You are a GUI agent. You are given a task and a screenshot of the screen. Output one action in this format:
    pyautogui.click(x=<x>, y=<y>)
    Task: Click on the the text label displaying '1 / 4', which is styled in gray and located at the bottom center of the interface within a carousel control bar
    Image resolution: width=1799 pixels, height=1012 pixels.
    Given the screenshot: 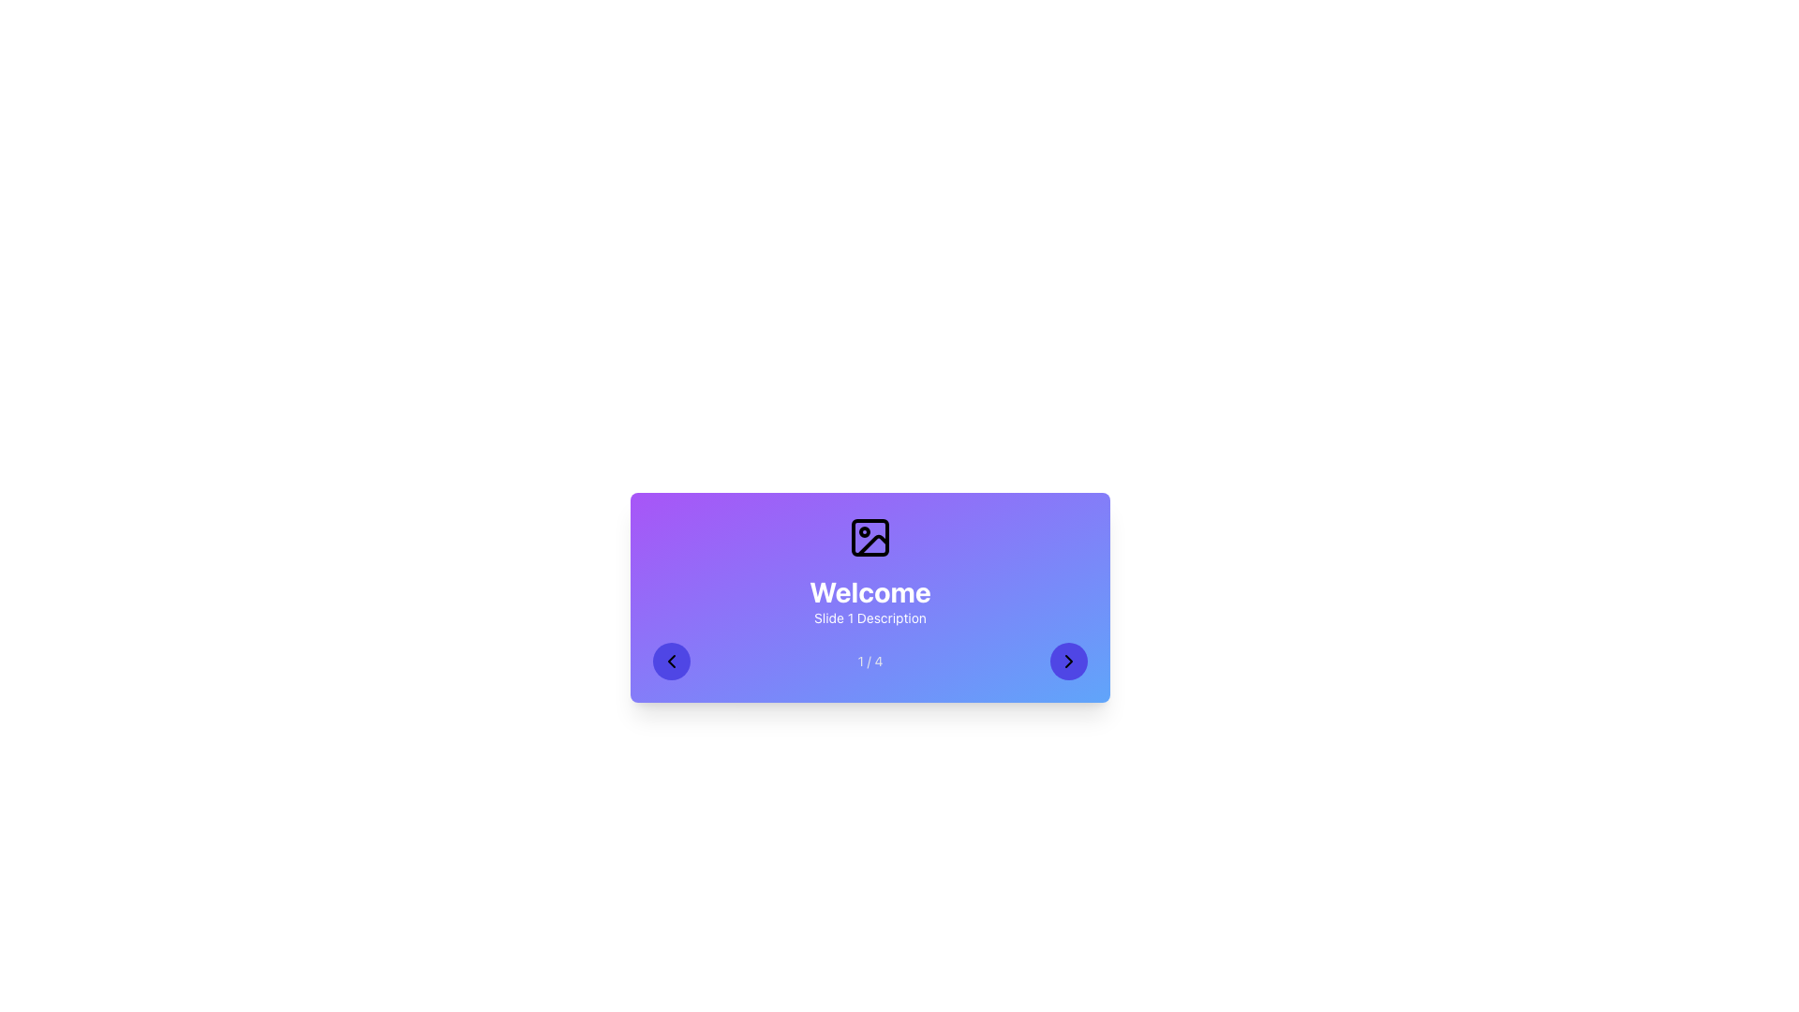 What is the action you would take?
    pyautogui.click(x=870, y=660)
    